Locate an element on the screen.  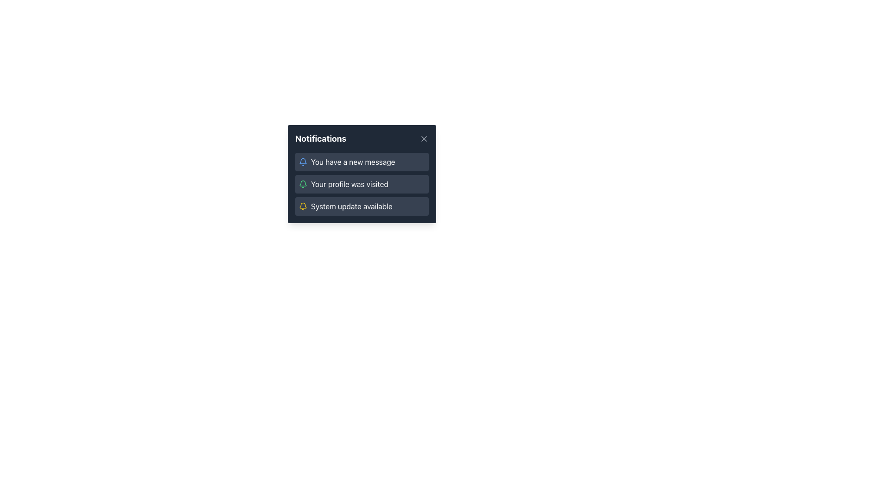
the notification bell icon located near the top-left corner of the notification box, next is located at coordinates (303, 183).